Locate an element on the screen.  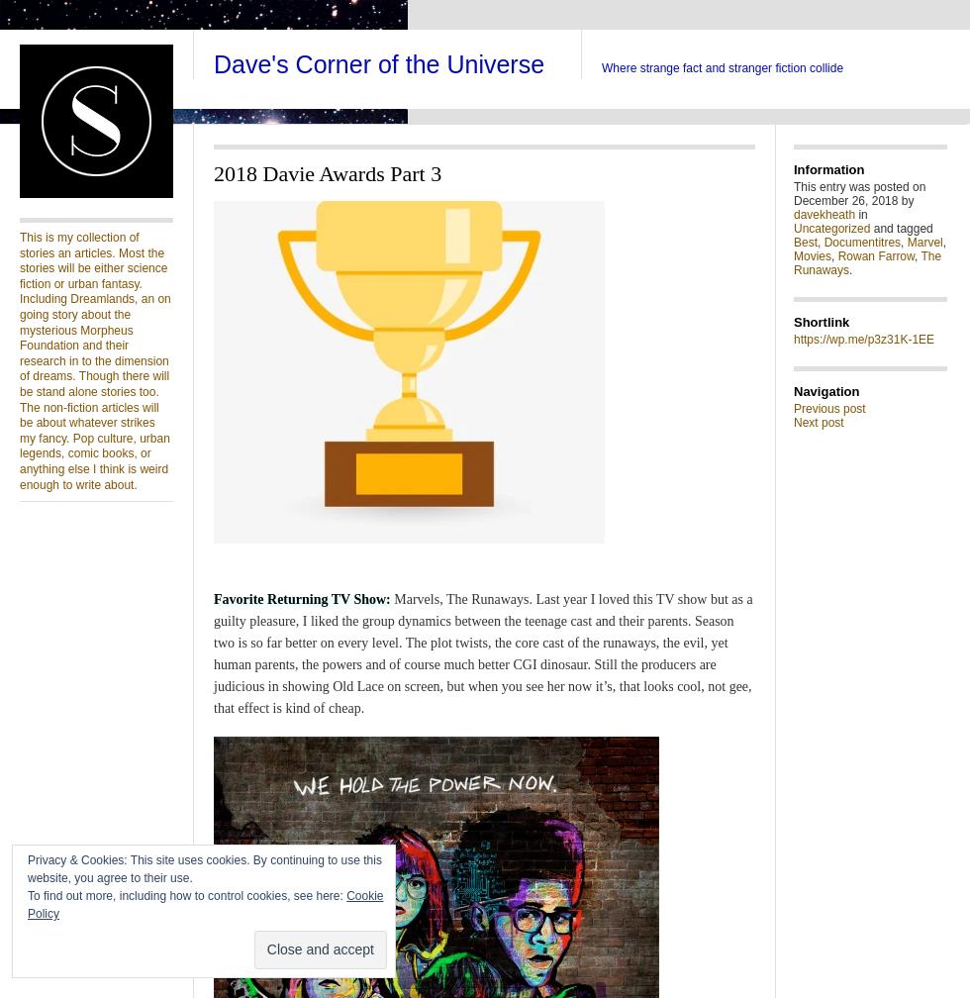
'Shortlink' is located at coordinates (821, 322).